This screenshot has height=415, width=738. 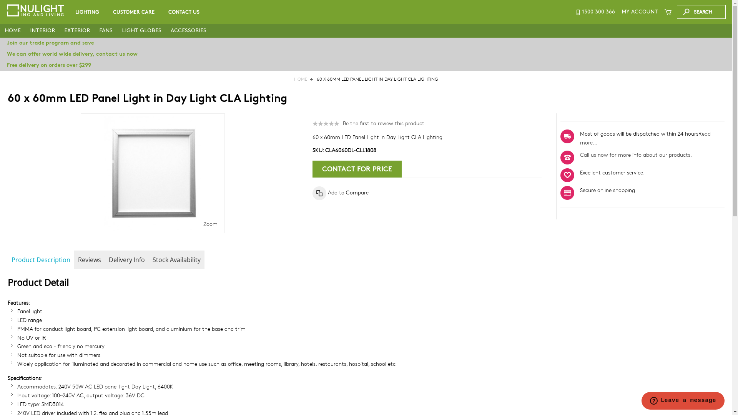 What do you see at coordinates (636, 154) in the screenshot?
I see `'Call us now for more info about our products.'` at bounding box center [636, 154].